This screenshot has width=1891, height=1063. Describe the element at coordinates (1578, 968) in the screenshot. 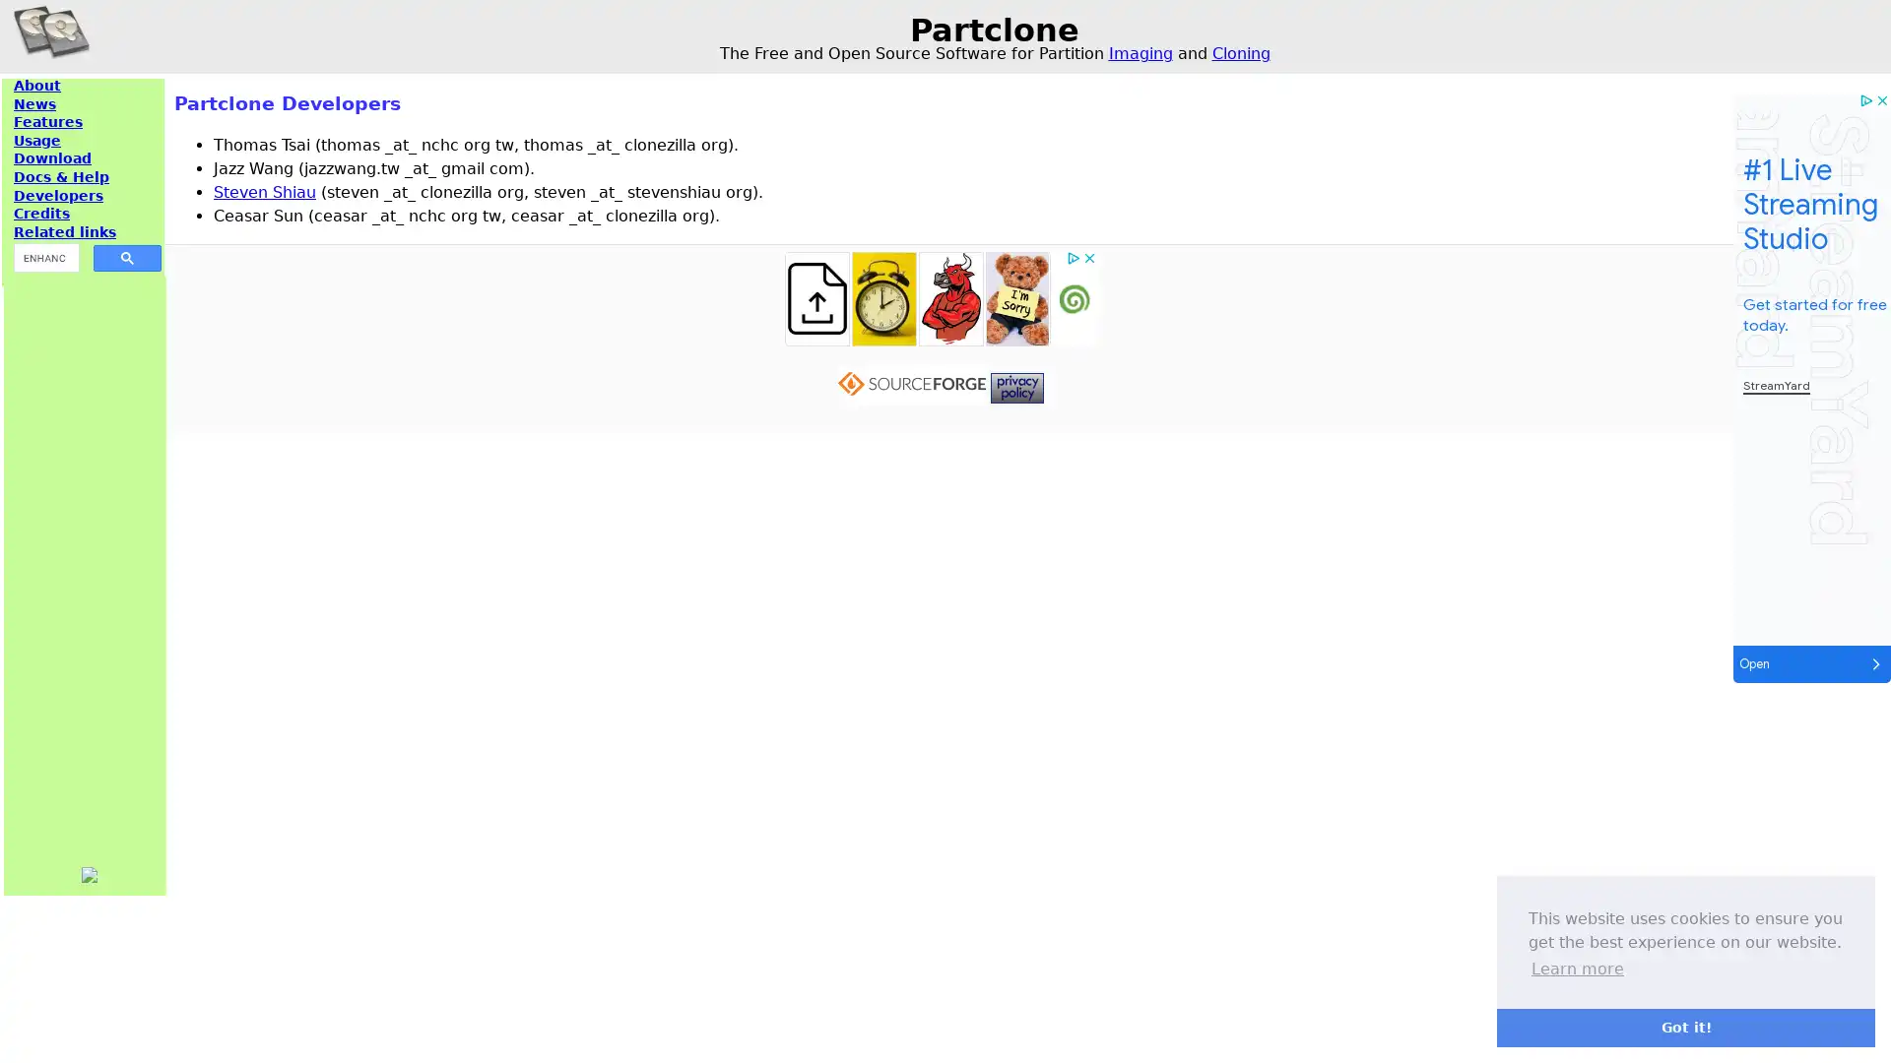

I see `learn more about cookies` at that location.